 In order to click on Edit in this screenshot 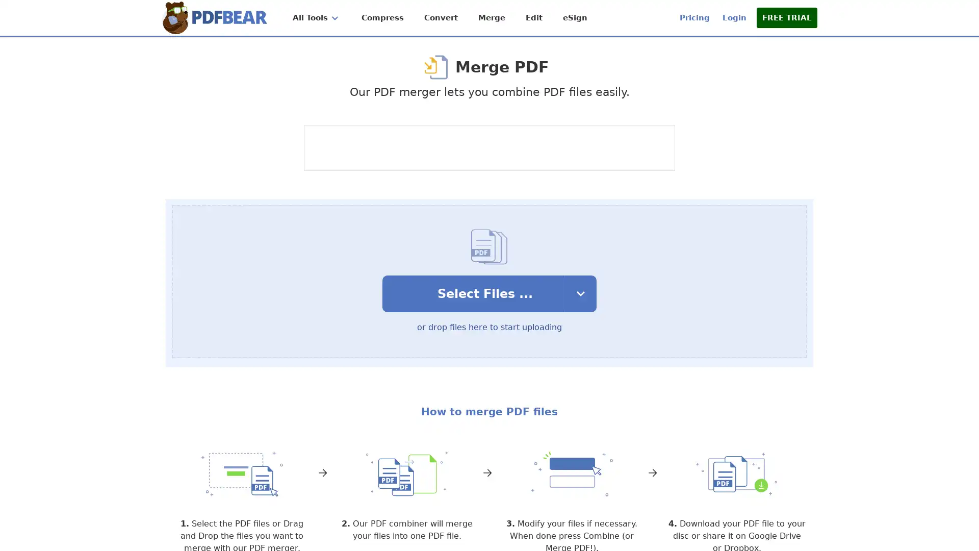, I will do `click(533, 17)`.